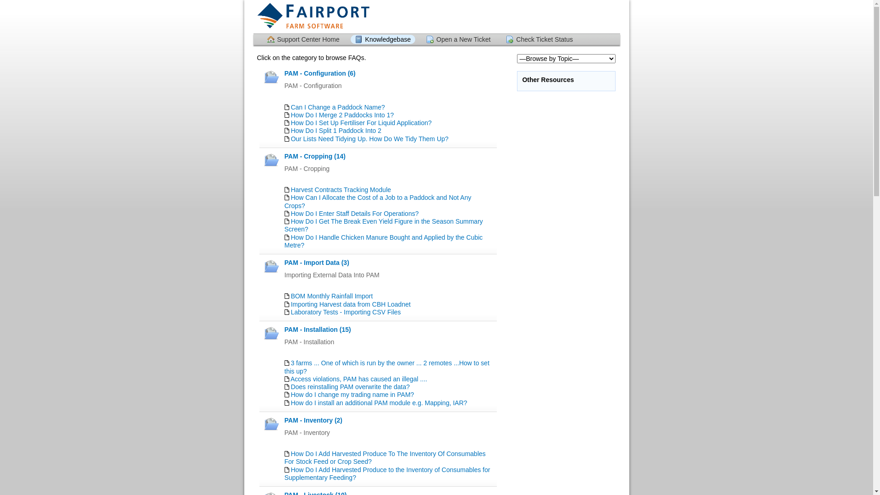 Image resolution: width=880 pixels, height=495 pixels. What do you see at coordinates (340, 189) in the screenshot?
I see `'Harvest Contracts Tracking Module'` at bounding box center [340, 189].